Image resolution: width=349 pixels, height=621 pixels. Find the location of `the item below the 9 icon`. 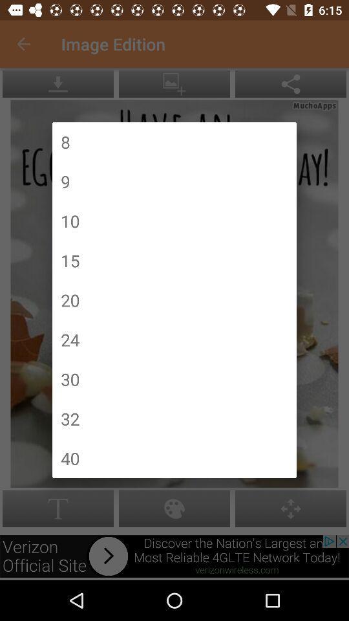

the item below the 9 icon is located at coordinates (70, 221).